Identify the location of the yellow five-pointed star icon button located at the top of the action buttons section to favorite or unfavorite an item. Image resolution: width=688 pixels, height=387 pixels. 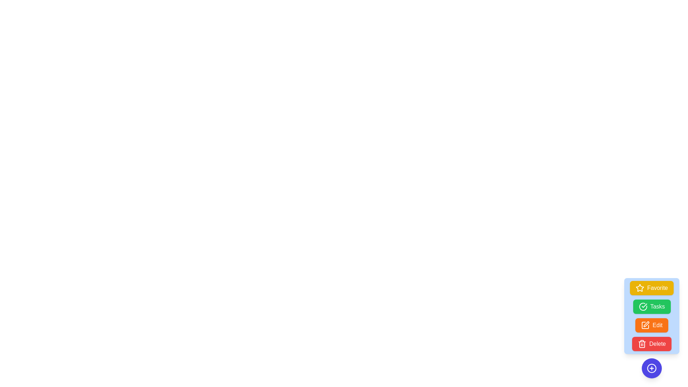
(640, 287).